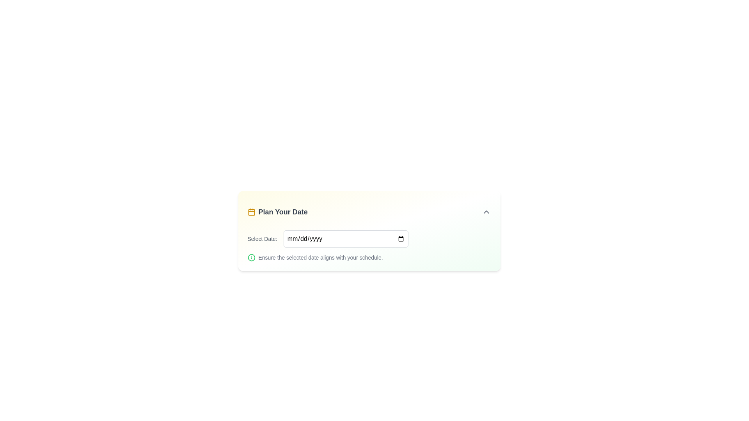  Describe the element at coordinates (486, 212) in the screenshot. I see `the Icon (Chevron Up) located in the top-right region of the 'Plan Your Date' card, which is styled with a muted grey color scheme and changes to yellow when hovered` at that location.